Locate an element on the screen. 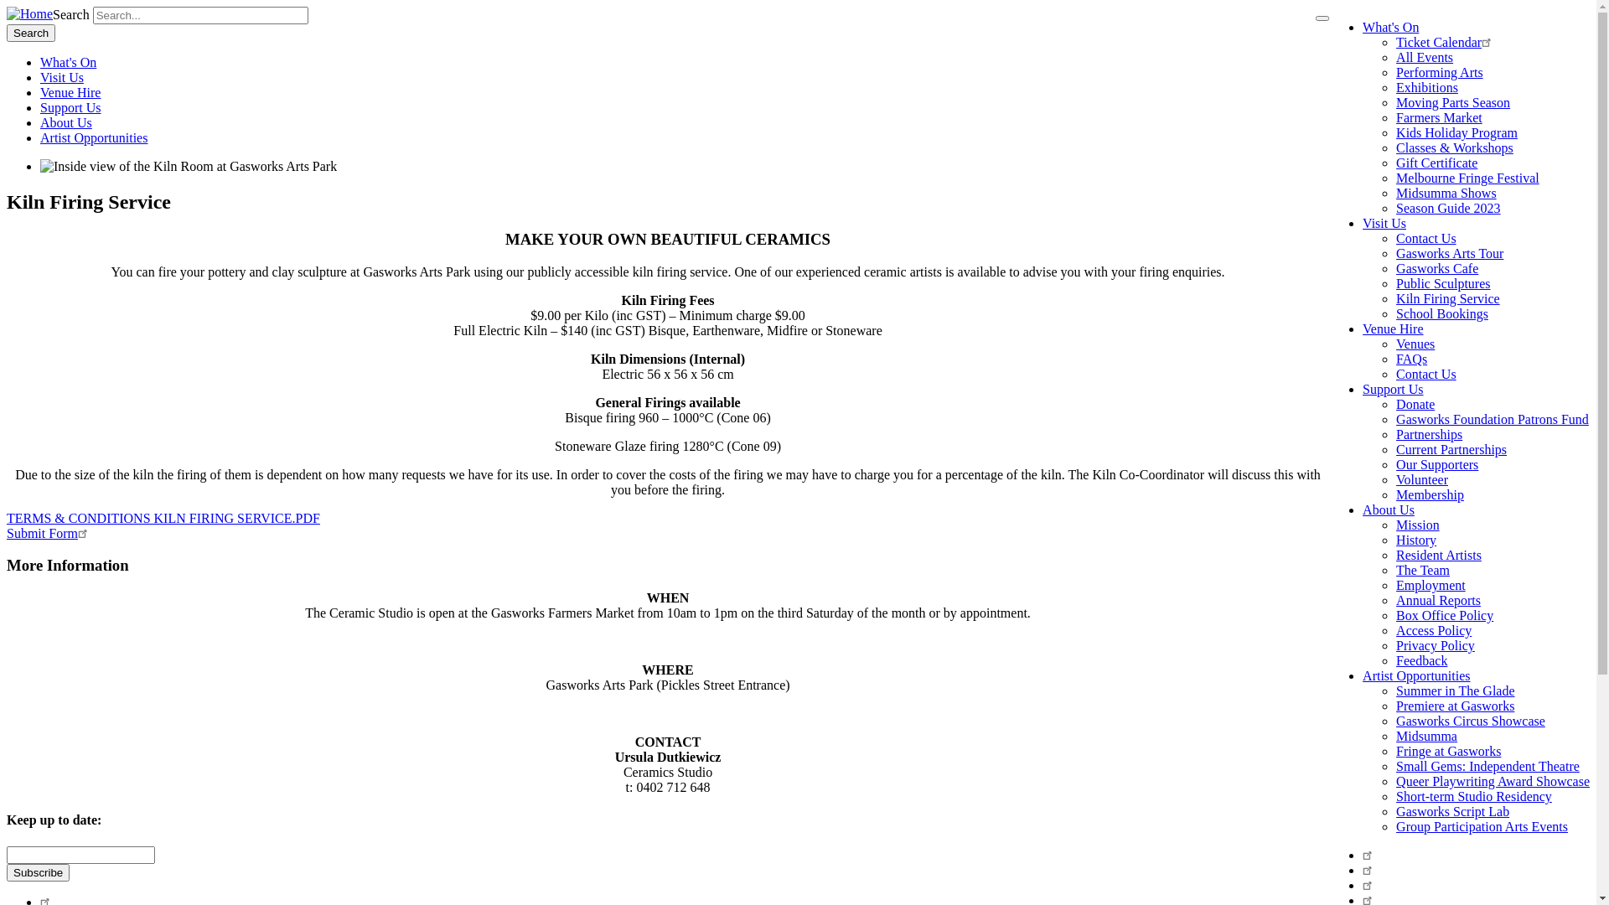  'Small Gems: Independent Theatre' is located at coordinates (1487, 766).